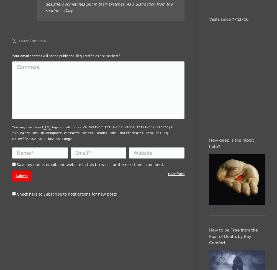  I want to click on 'You may use these', so click(12, 127).